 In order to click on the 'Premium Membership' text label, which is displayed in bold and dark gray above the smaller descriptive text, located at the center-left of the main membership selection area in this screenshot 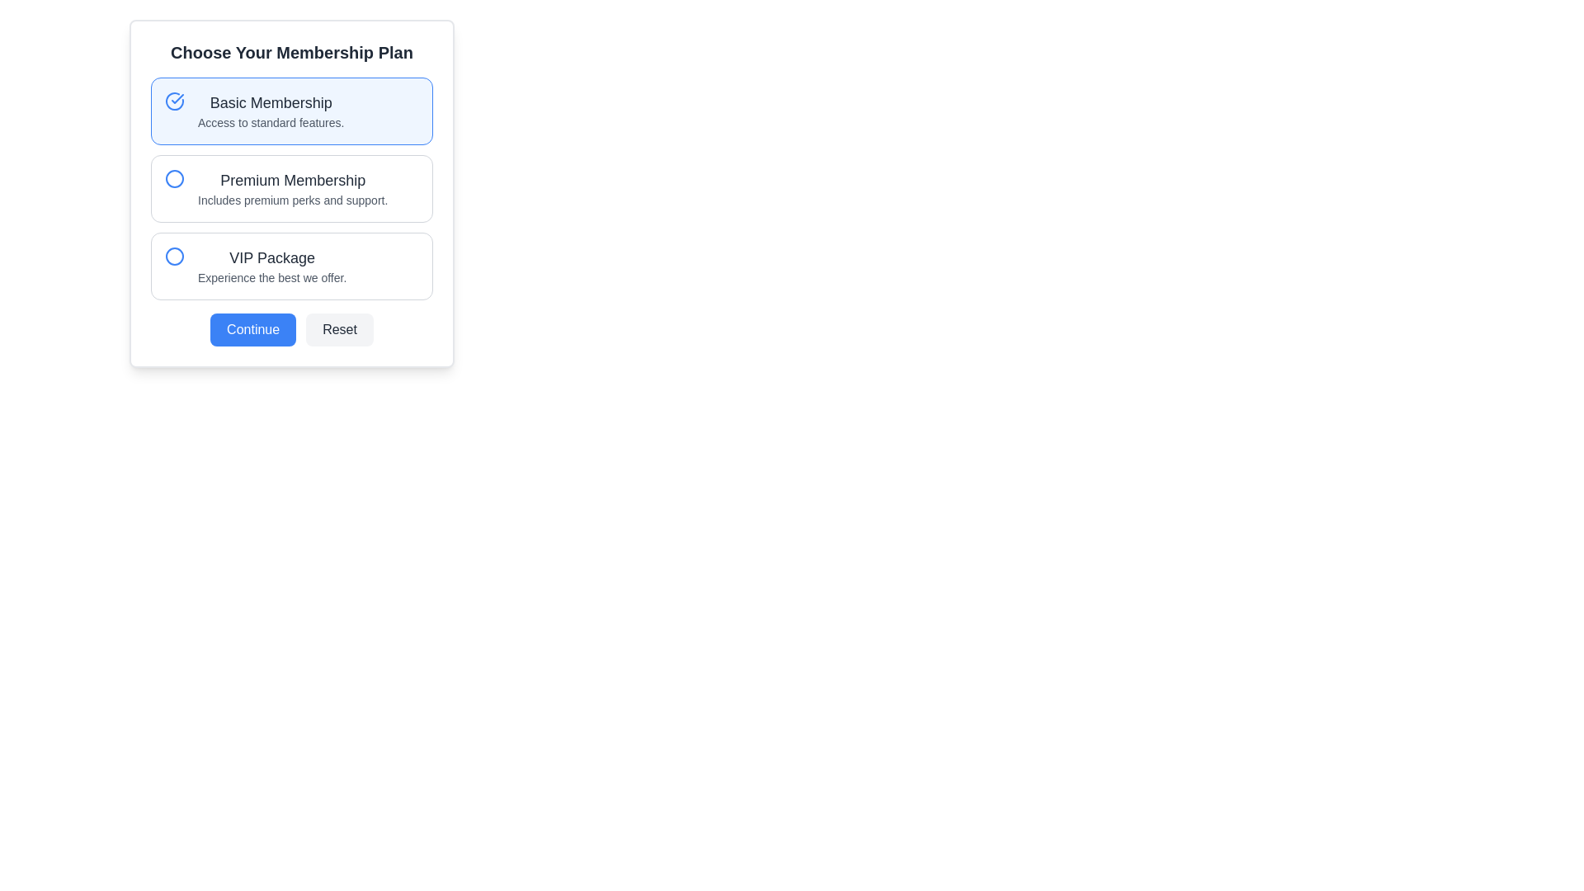, I will do `click(293, 181)`.